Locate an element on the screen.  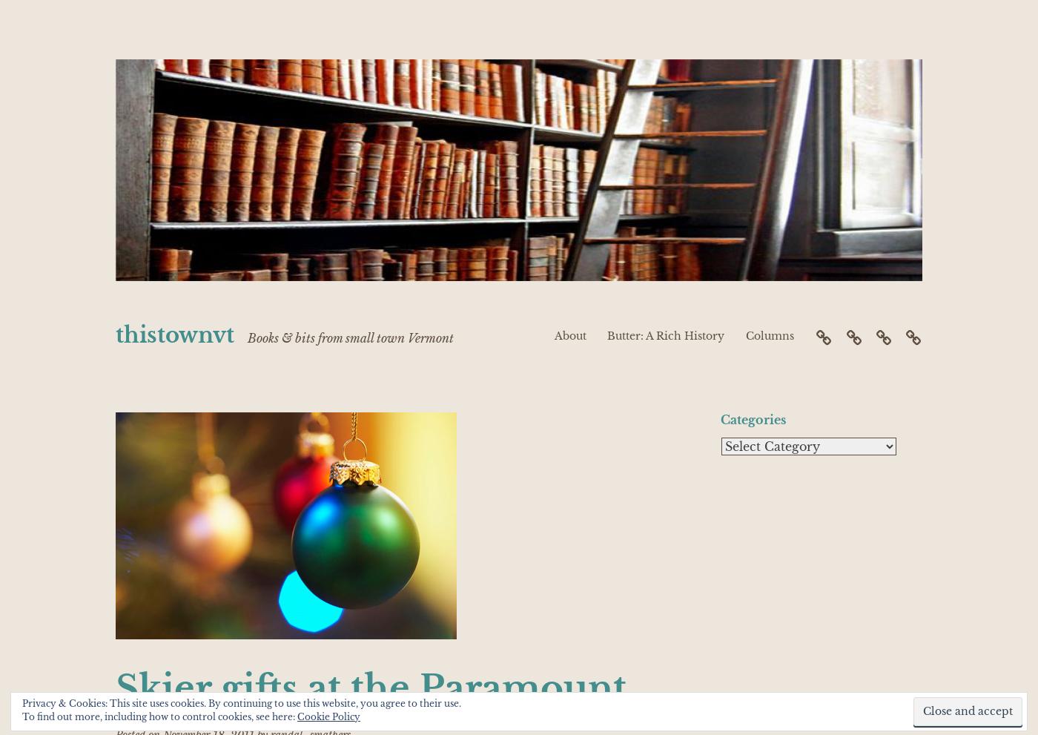
'Columns' is located at coordinates (769, 334).